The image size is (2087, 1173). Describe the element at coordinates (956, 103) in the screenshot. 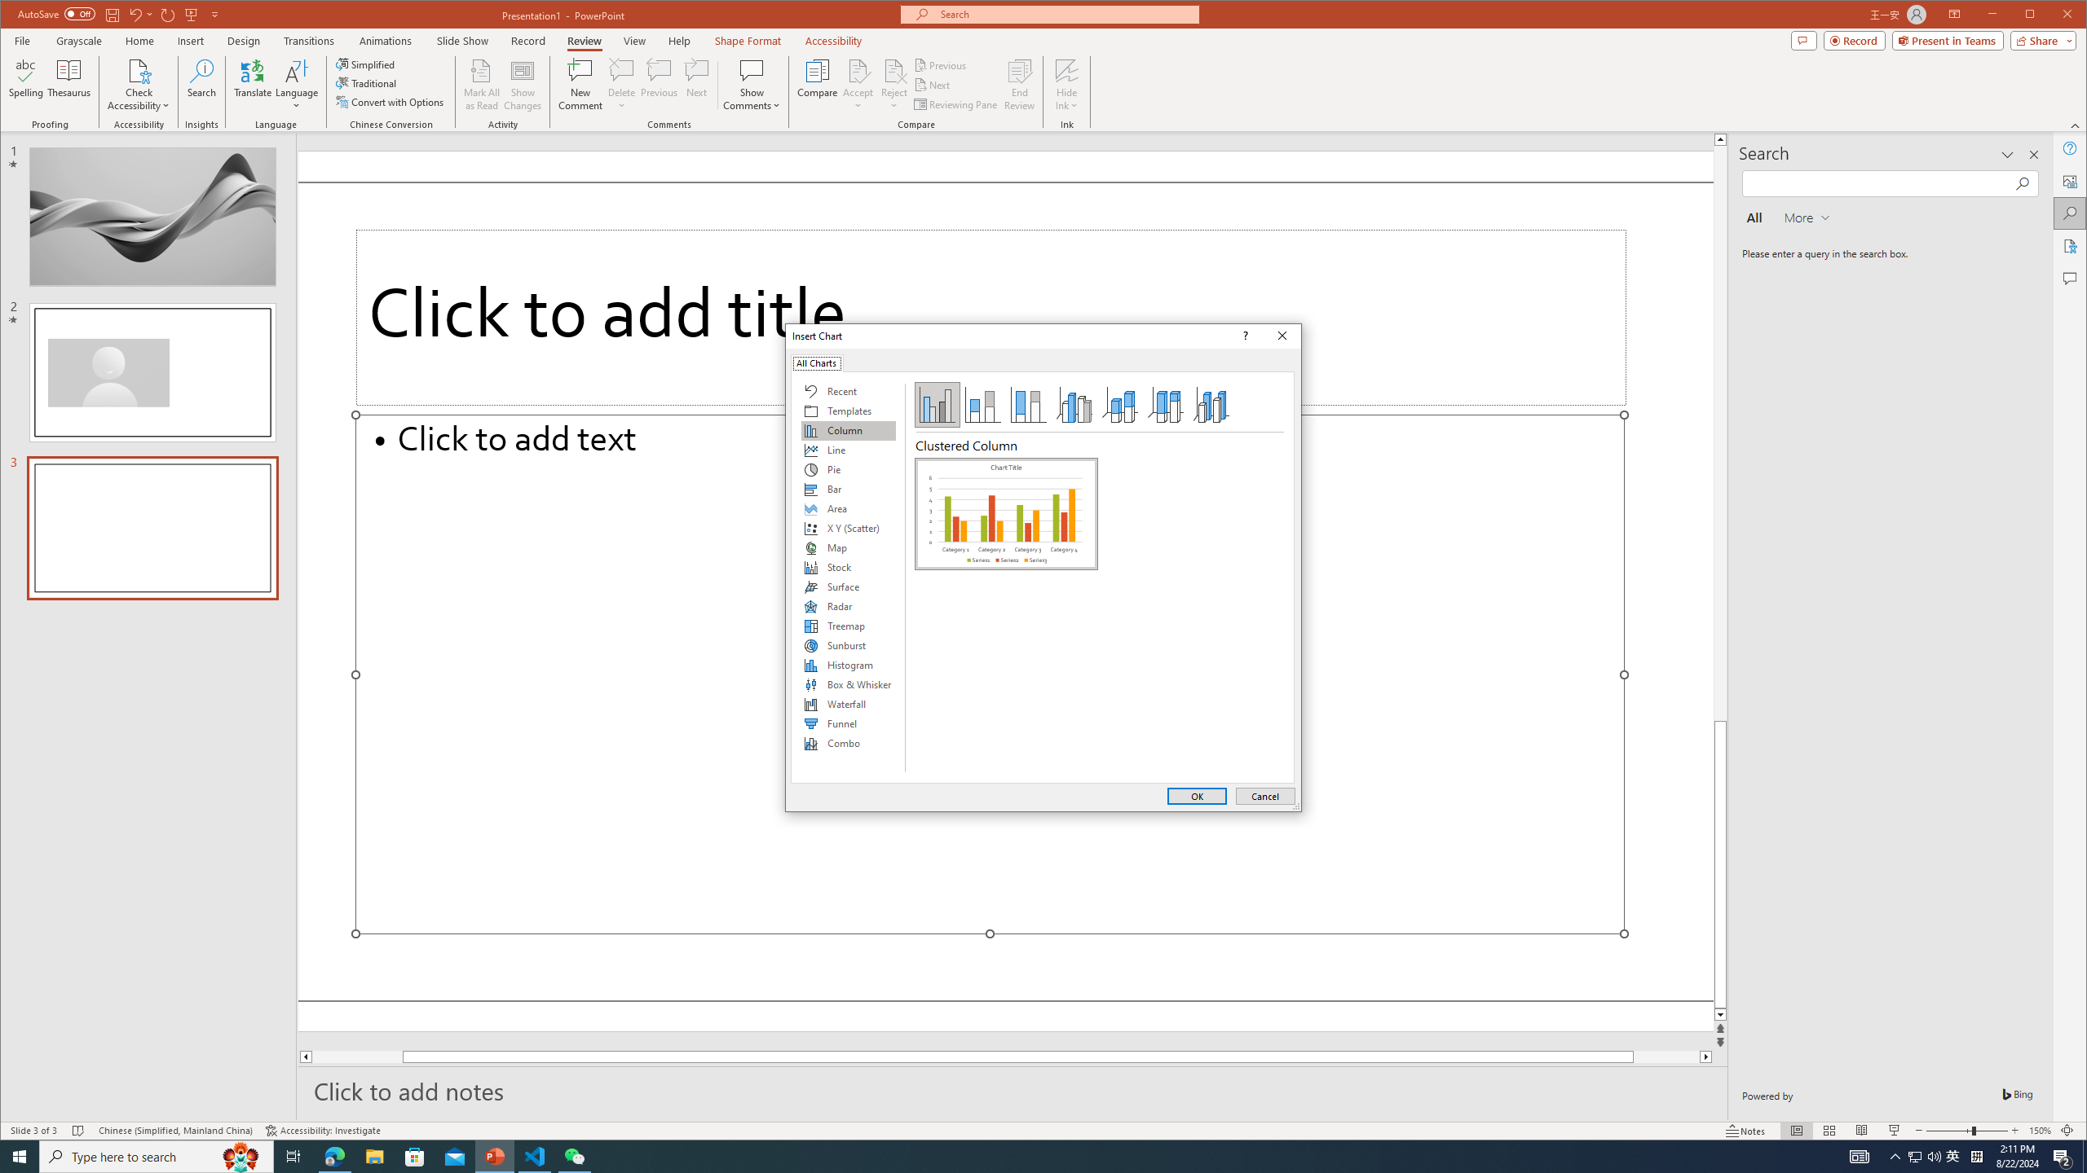

I see `'Reviewing Pane'` at that location.